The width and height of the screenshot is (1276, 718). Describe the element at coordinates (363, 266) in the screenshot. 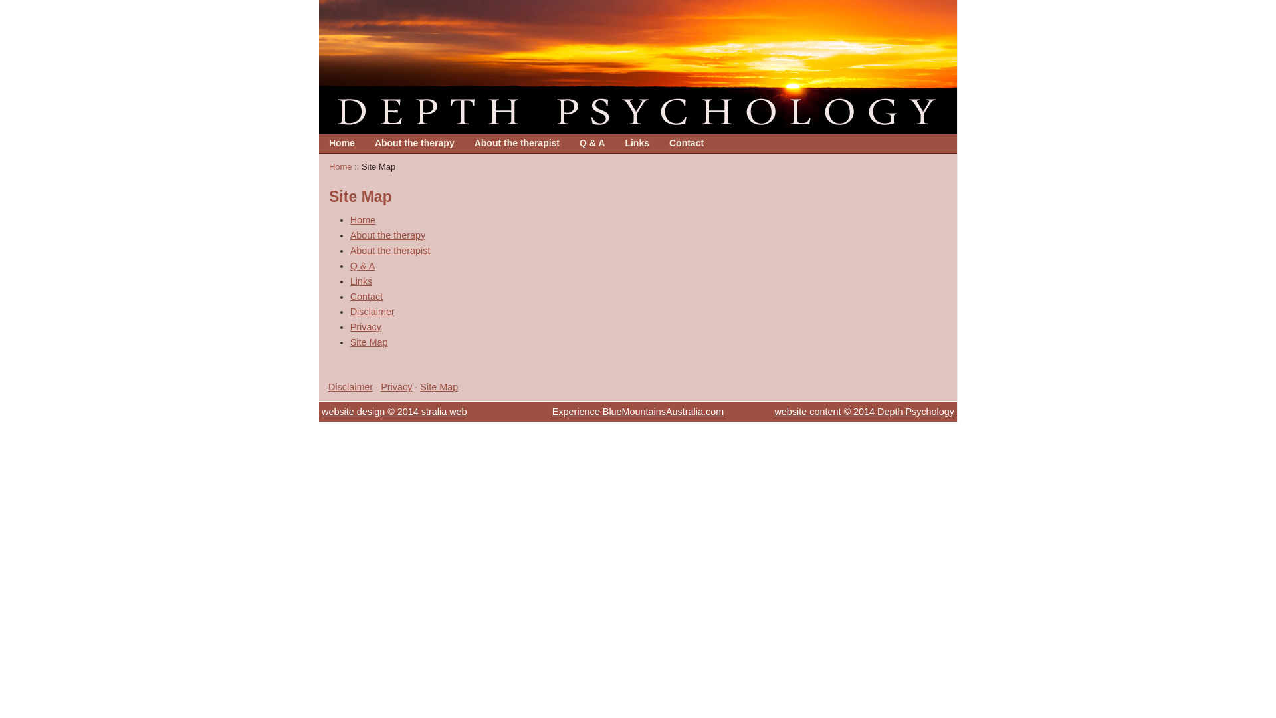

I see `'Q & A'` at that location.